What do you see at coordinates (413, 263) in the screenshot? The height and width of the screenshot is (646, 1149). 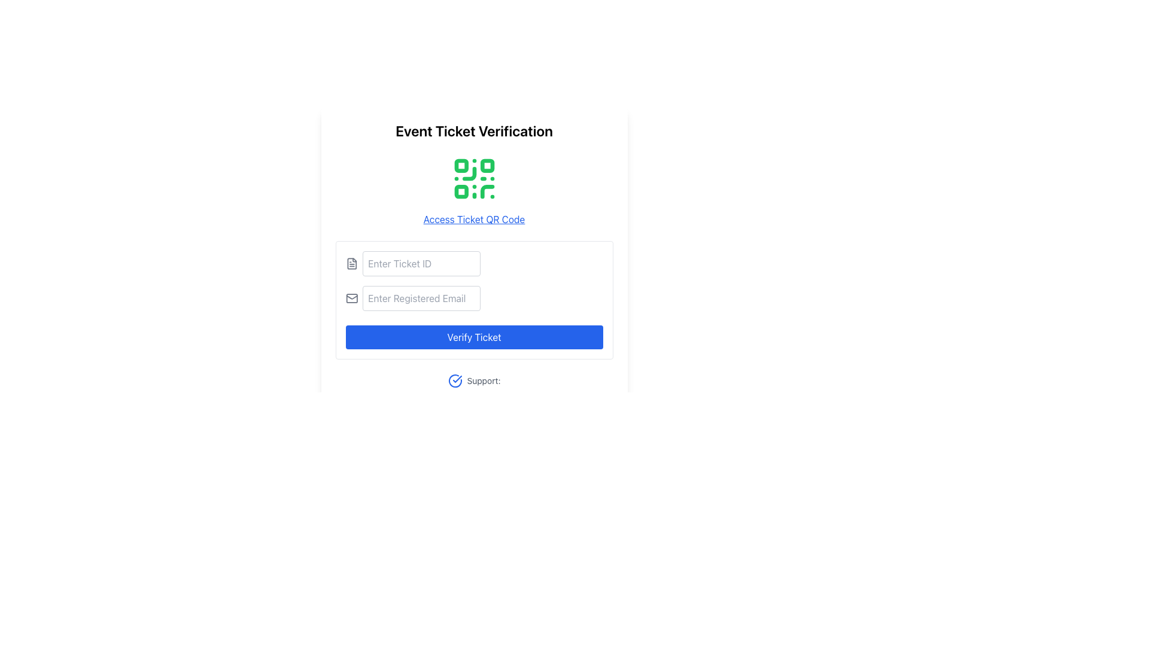 I see `the text input field labeled 'Enter Ticket ID' to focus on it for input` at bounding box center [413, 263].